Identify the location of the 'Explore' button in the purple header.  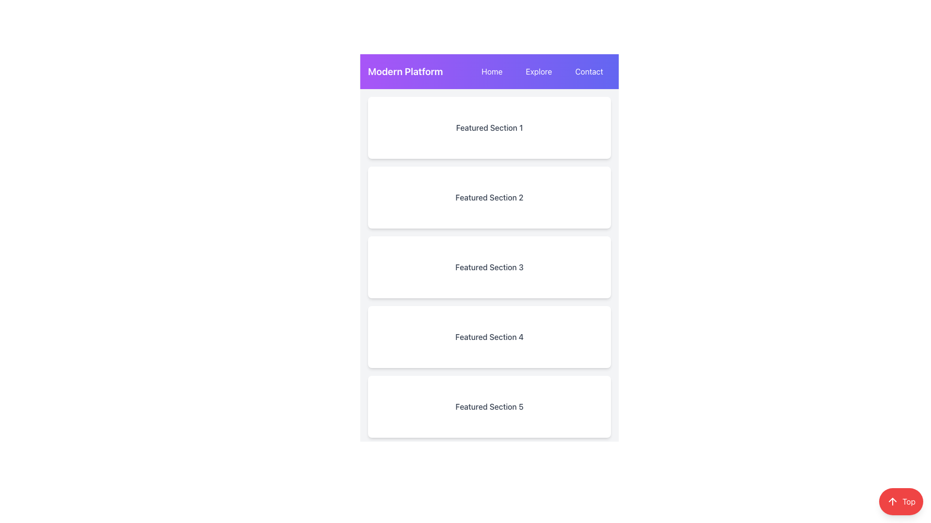
(538, 71).